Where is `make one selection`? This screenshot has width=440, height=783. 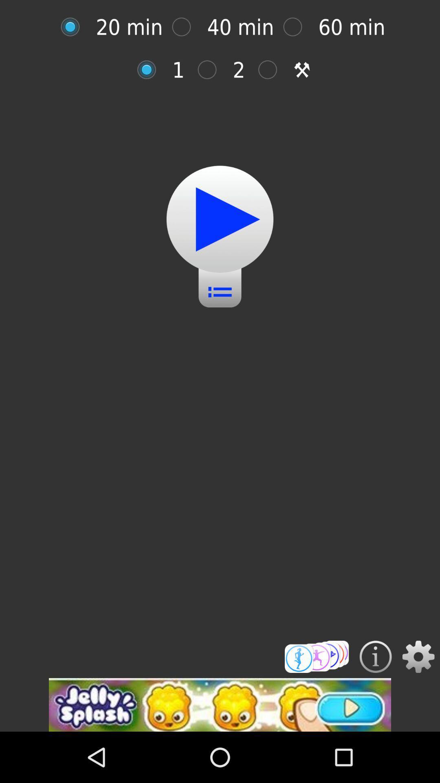 make one selection is located at coordinates (151, 70).